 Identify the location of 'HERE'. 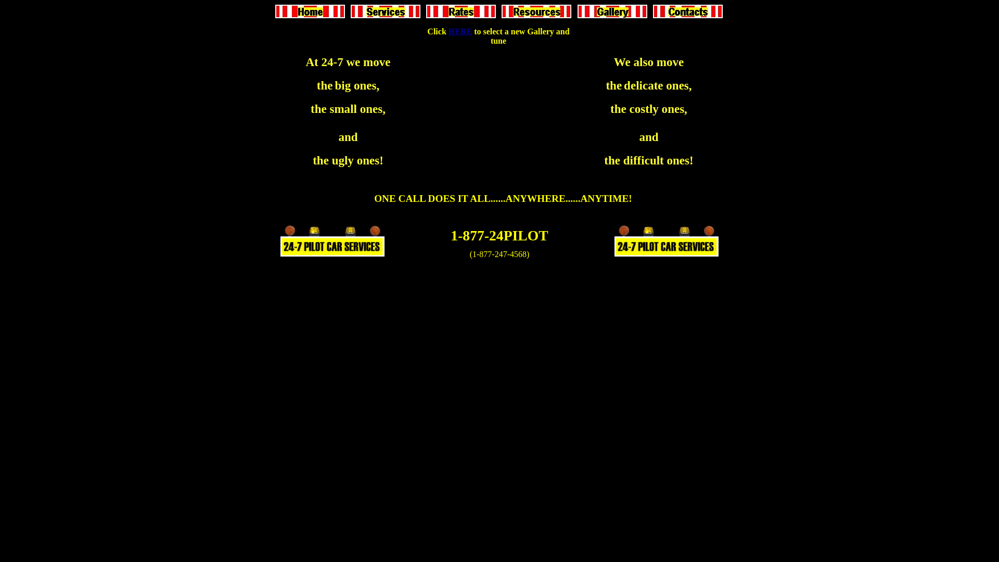
(459, 31).